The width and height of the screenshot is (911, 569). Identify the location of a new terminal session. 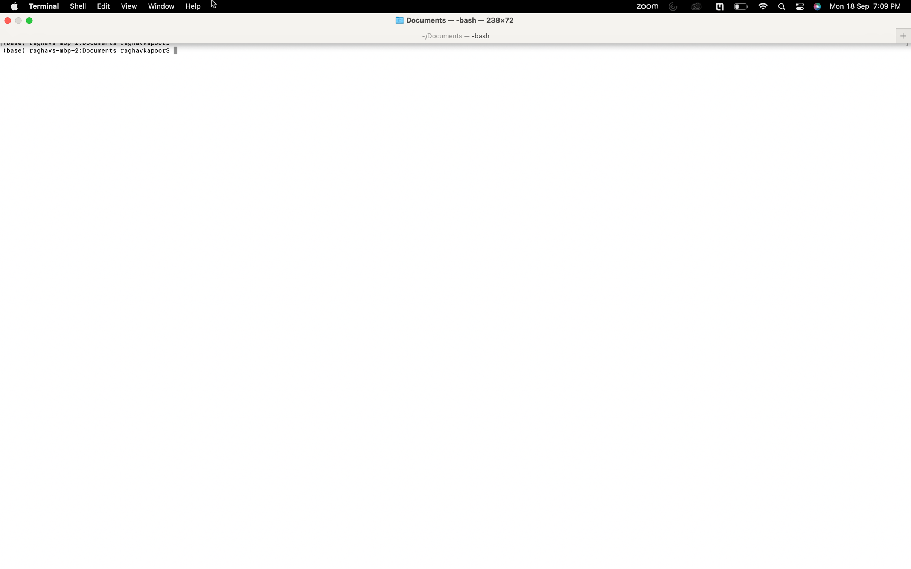
(44, 6).